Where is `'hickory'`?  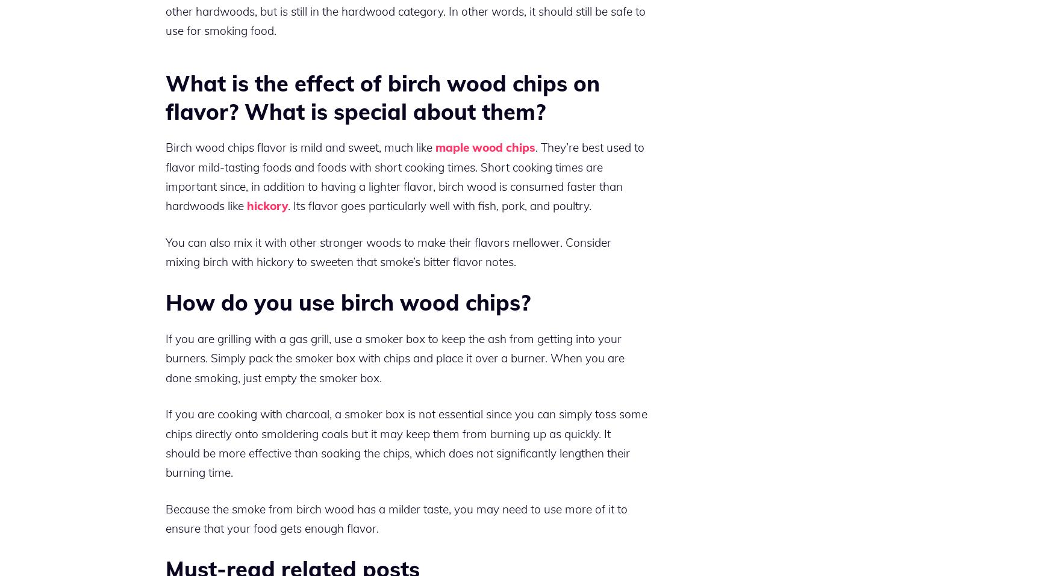 'hickory' is located at coordinates (267, 206).